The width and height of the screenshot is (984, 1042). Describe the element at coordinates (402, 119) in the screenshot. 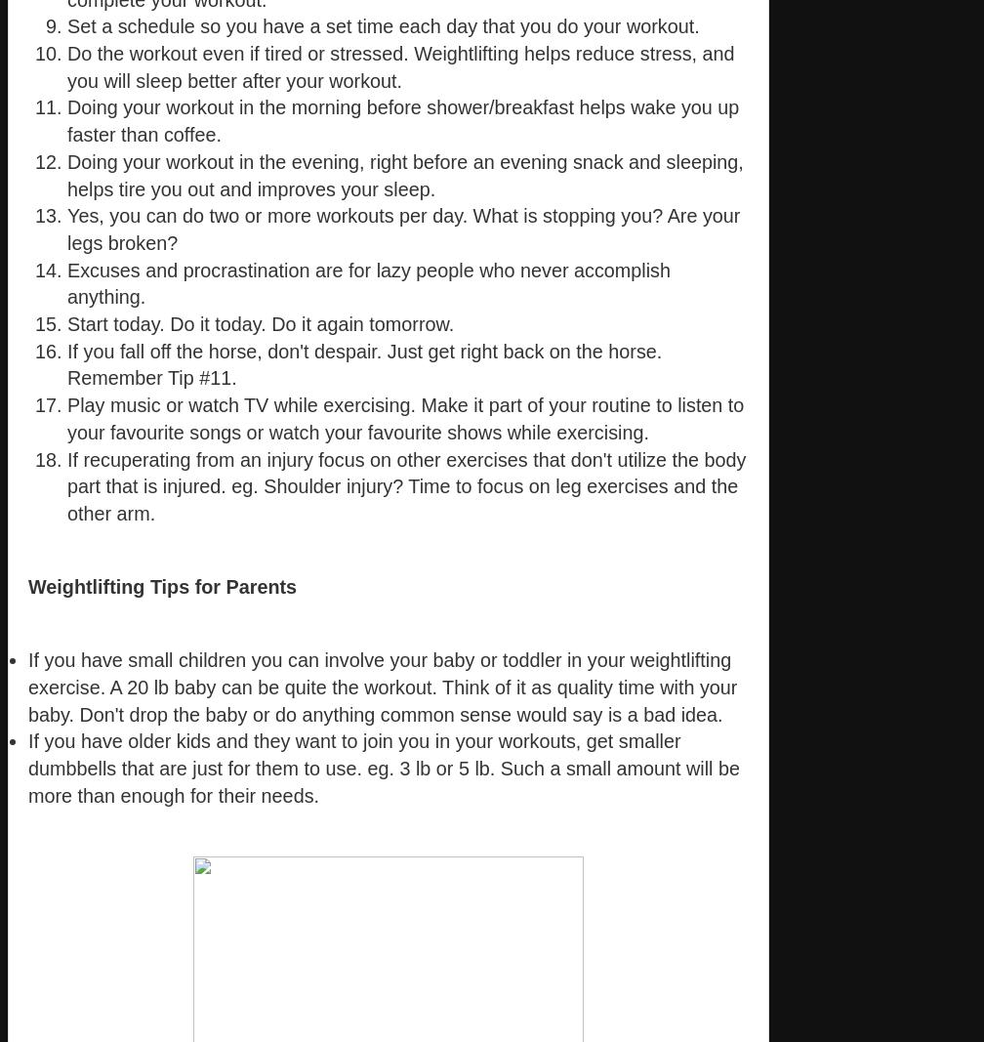

I see `'Doing your workout in the morning before shower/breakfast helps wake you up faster than coffee.'` at that location.